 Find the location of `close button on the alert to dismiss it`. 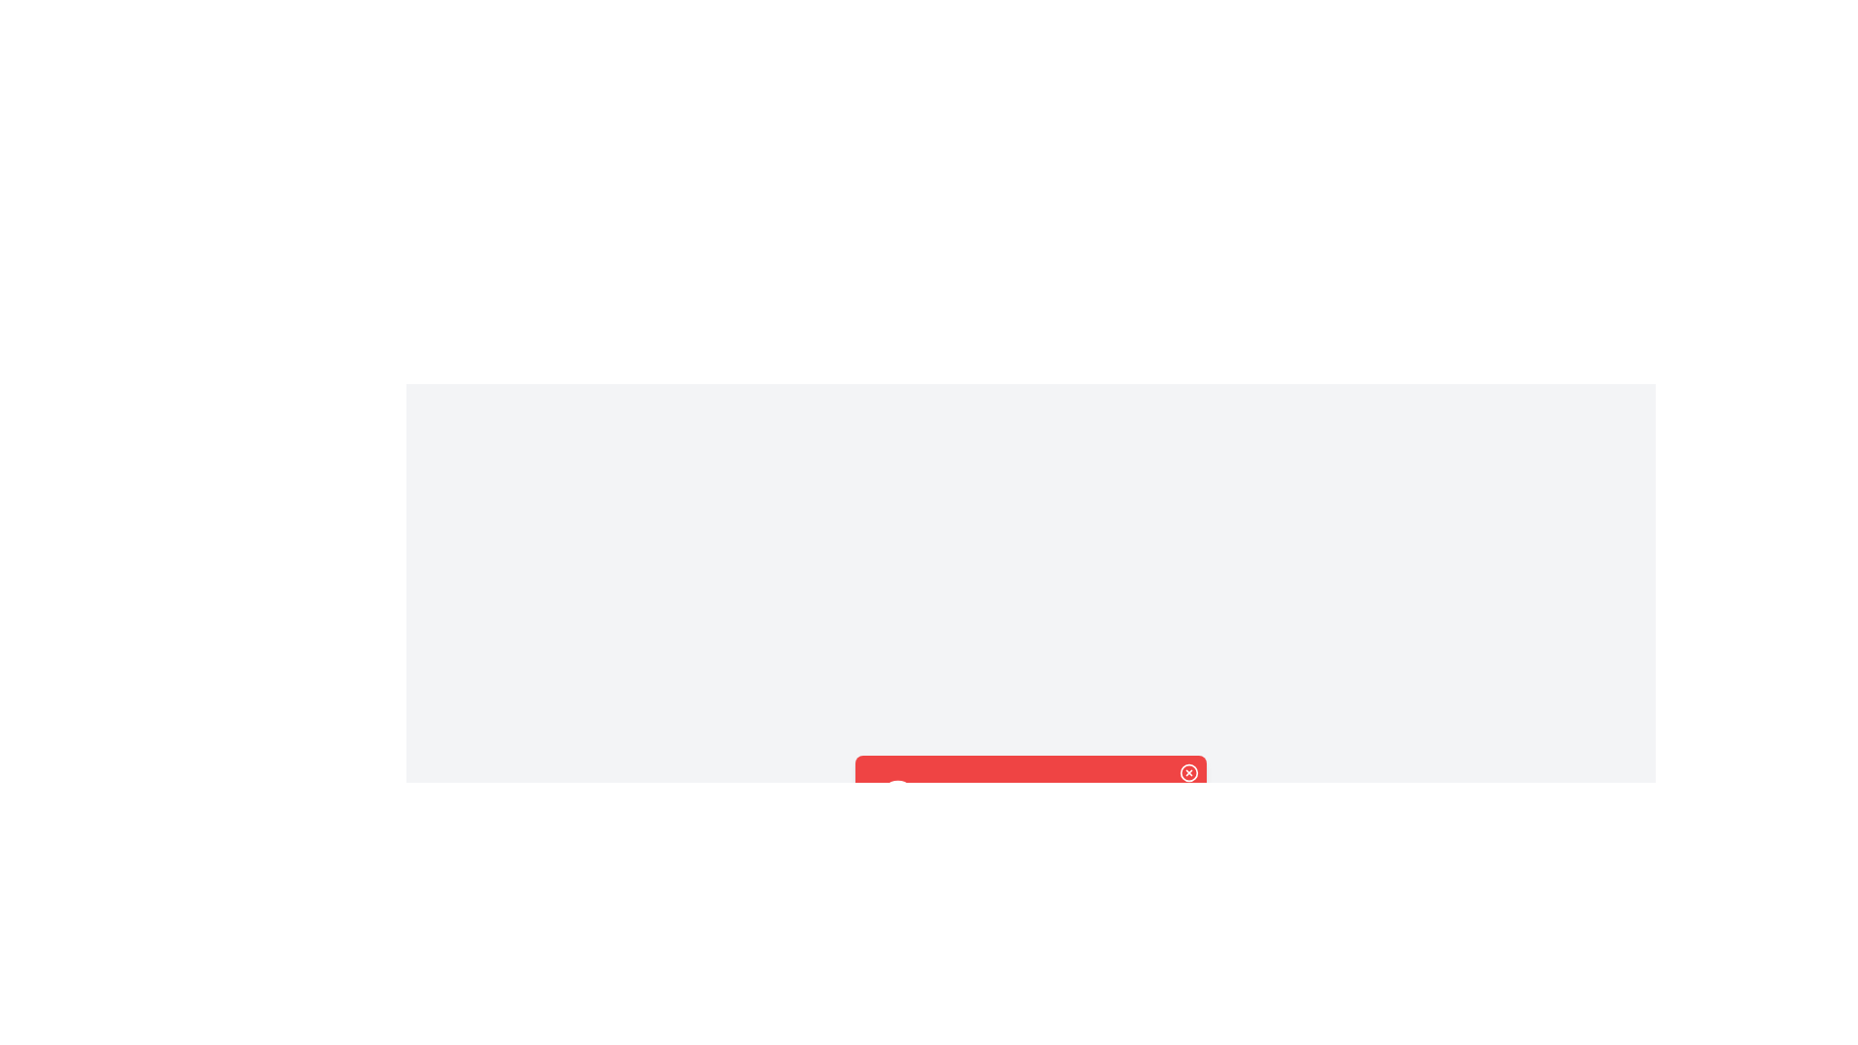

close button on the alert to dismiss it is located at coordinates (1188, 771).